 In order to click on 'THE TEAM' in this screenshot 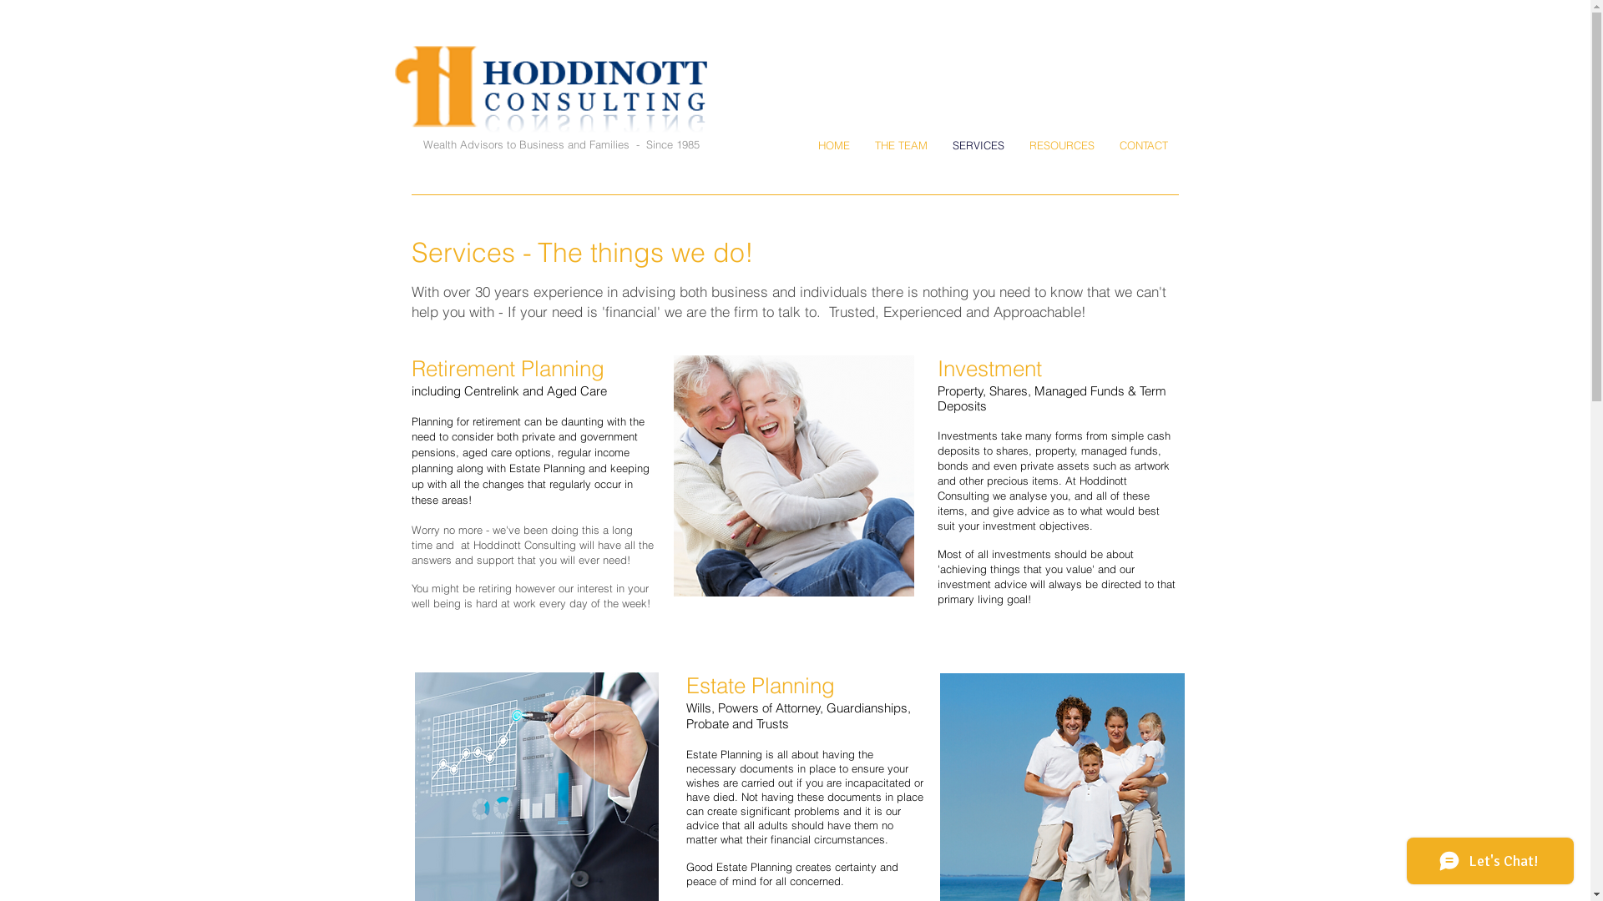, I will do `click(900, 144)`.